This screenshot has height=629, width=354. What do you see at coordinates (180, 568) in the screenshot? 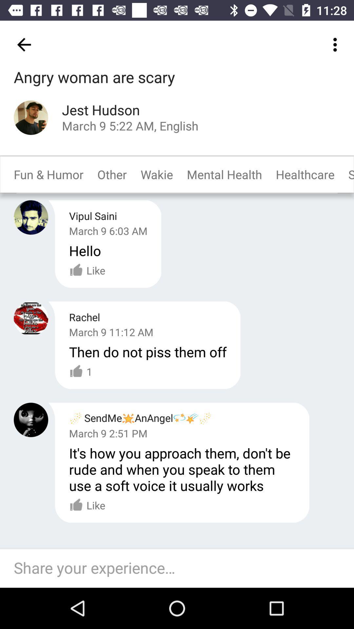
I see `share the article` at bounding box center [180, 568].